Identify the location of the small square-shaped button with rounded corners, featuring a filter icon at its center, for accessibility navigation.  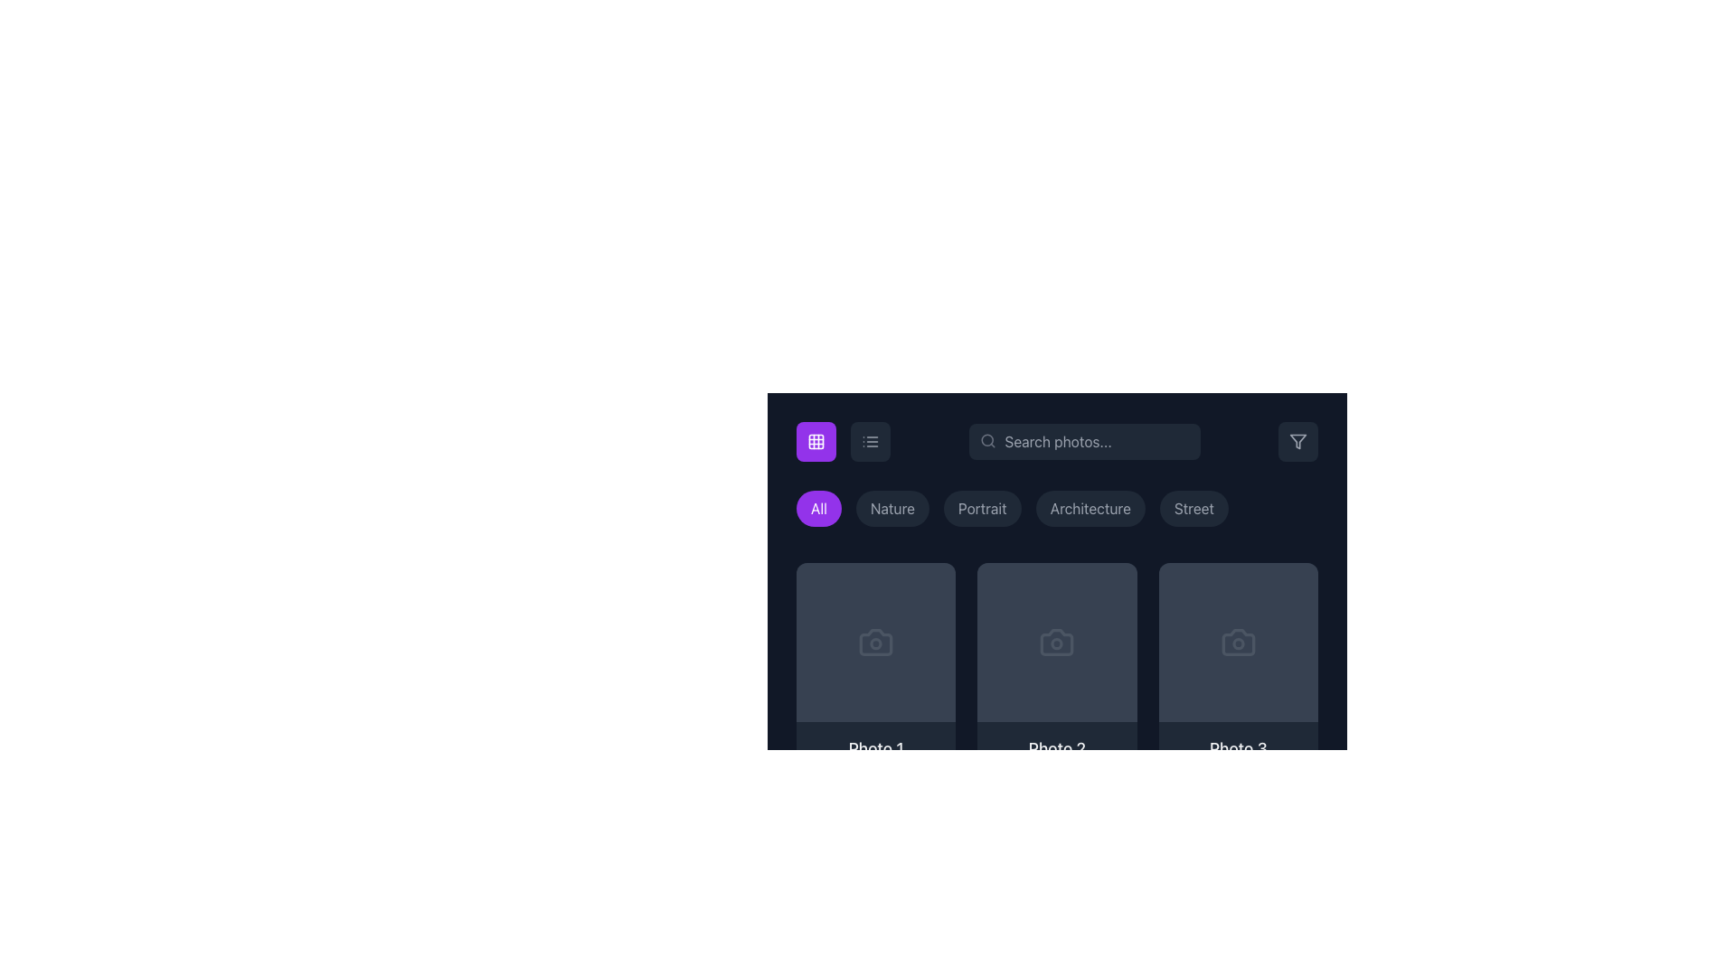
(1297, 442).